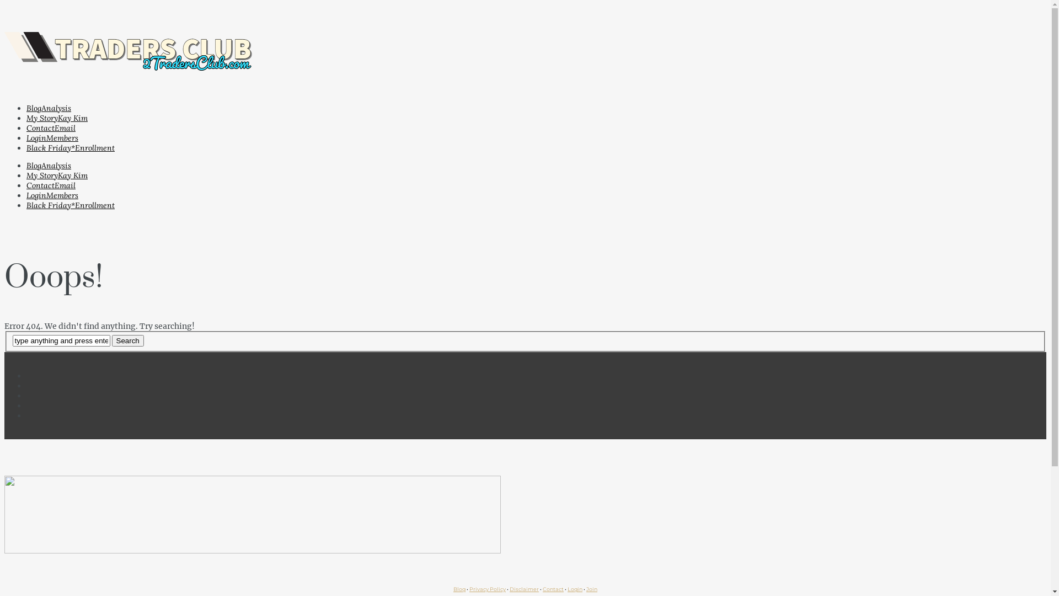 Image resolution: width=1059 pixels, height=596 pixels. What do you see at coordinates (591, 588) in the screenshot?
I see `'Join'` at bounding box center [591, 588].